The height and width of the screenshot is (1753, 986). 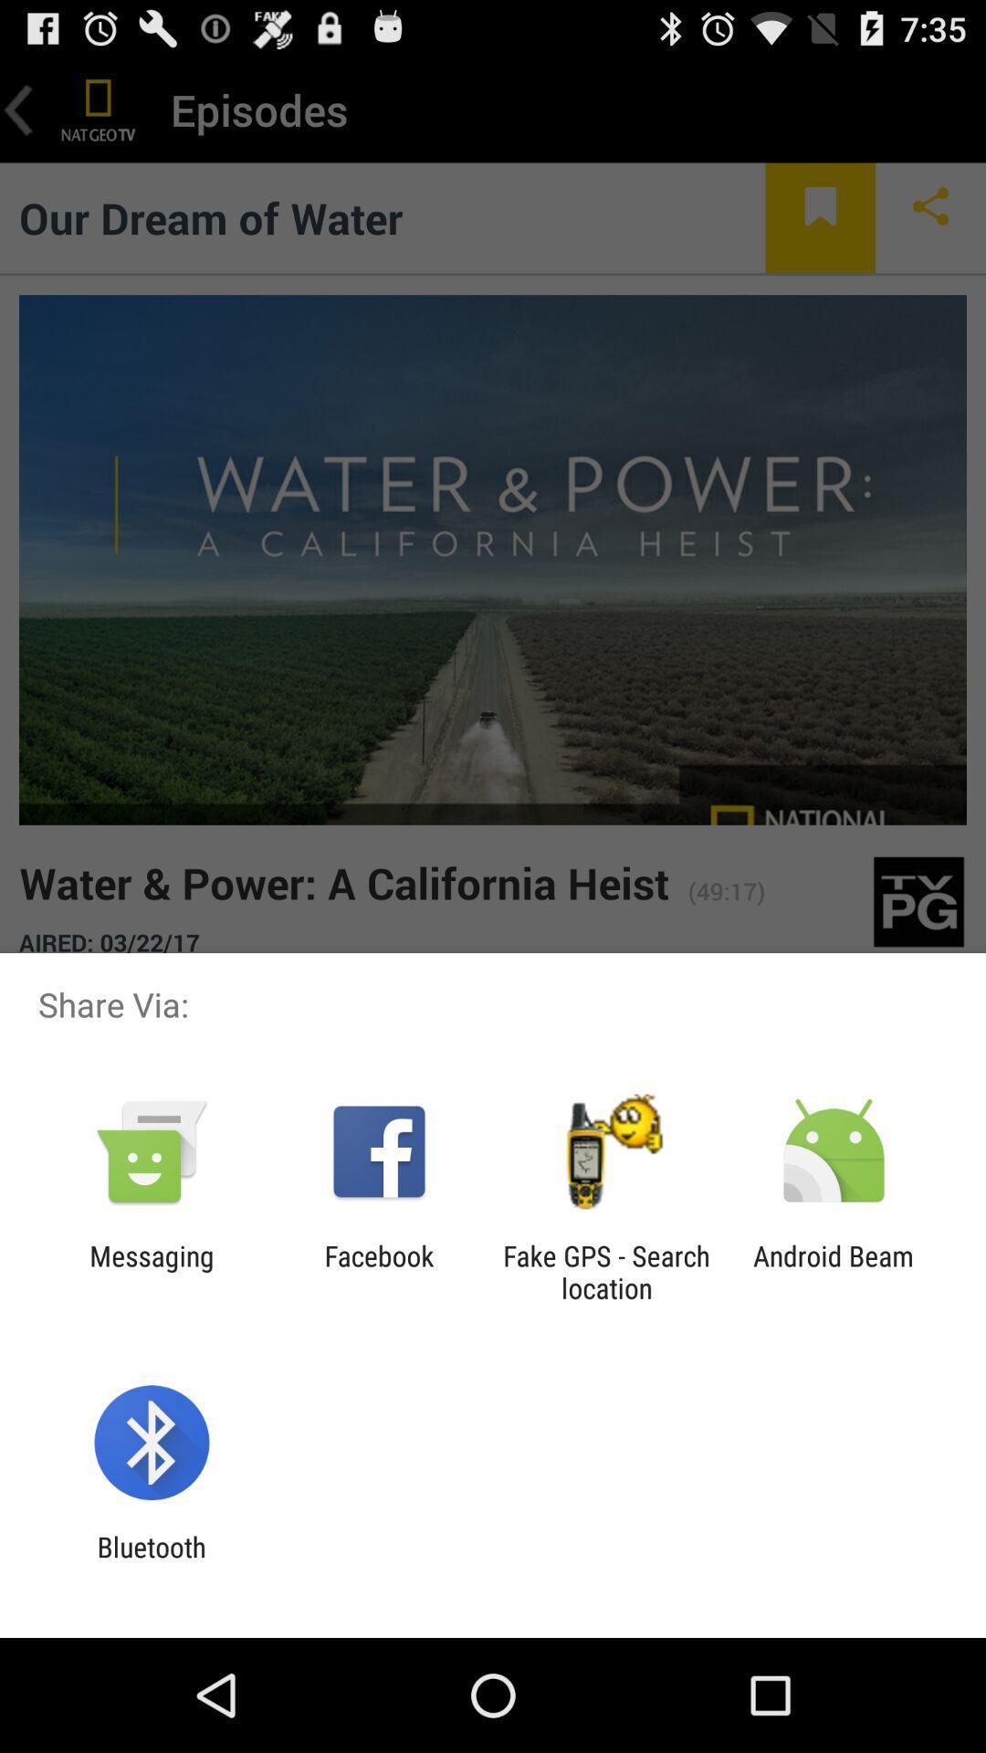 What do you see at coordinates (606, 1271) in the screenshot?
I see `the fake gps search item` at bounding box center [606, 1271].